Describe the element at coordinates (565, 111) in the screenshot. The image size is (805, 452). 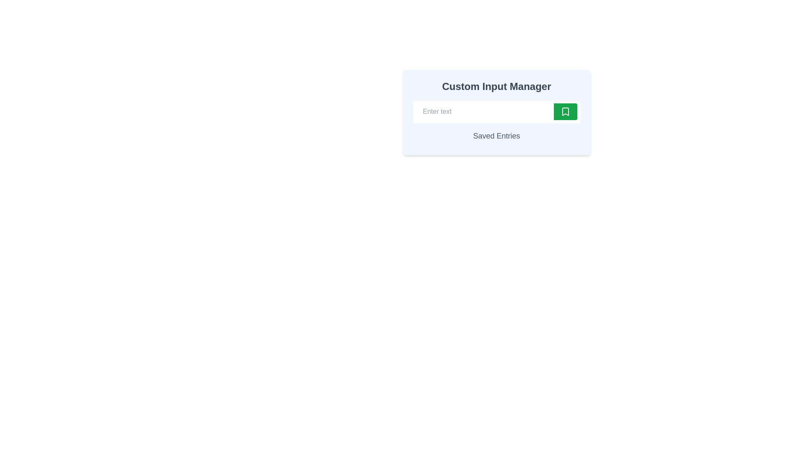
I see `the bookmark or save icon, which is centered within a green rectangular button adjacent to the 'Enter text' input field in the 'Custom Input Manager' panel` at that location.